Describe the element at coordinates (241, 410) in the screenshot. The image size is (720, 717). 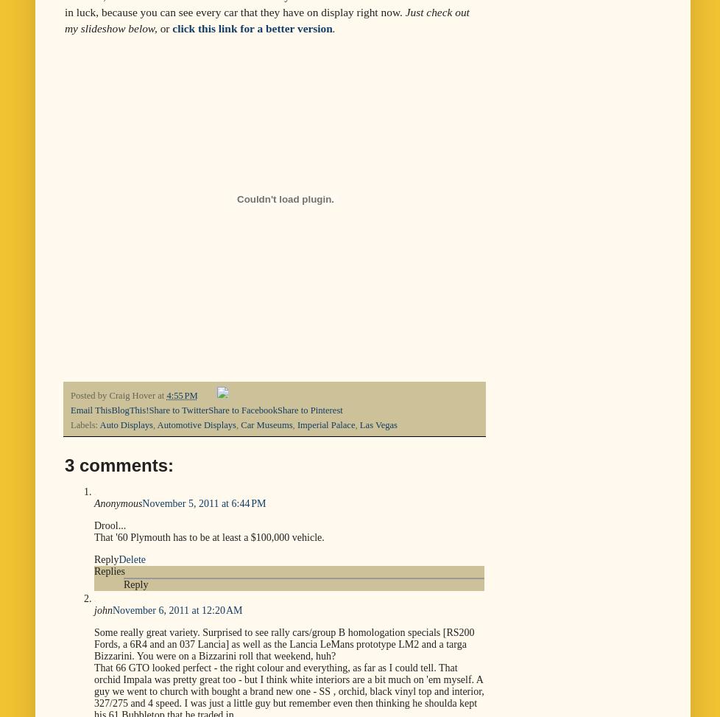
I see `'Share to Facebook'` at that location.